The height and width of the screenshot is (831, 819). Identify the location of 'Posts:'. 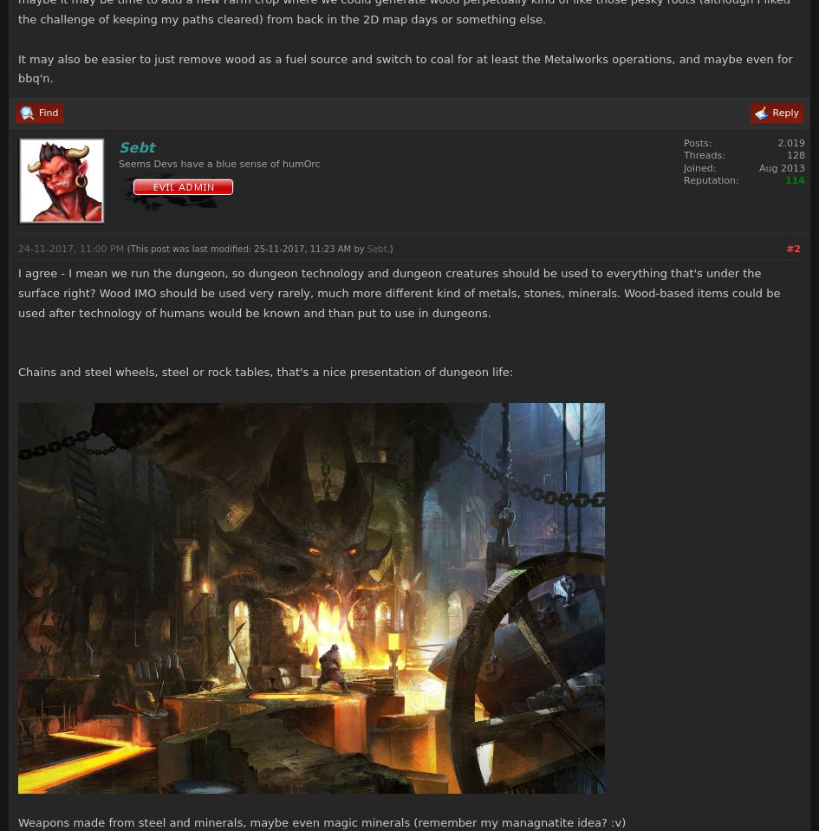
(682, 142).